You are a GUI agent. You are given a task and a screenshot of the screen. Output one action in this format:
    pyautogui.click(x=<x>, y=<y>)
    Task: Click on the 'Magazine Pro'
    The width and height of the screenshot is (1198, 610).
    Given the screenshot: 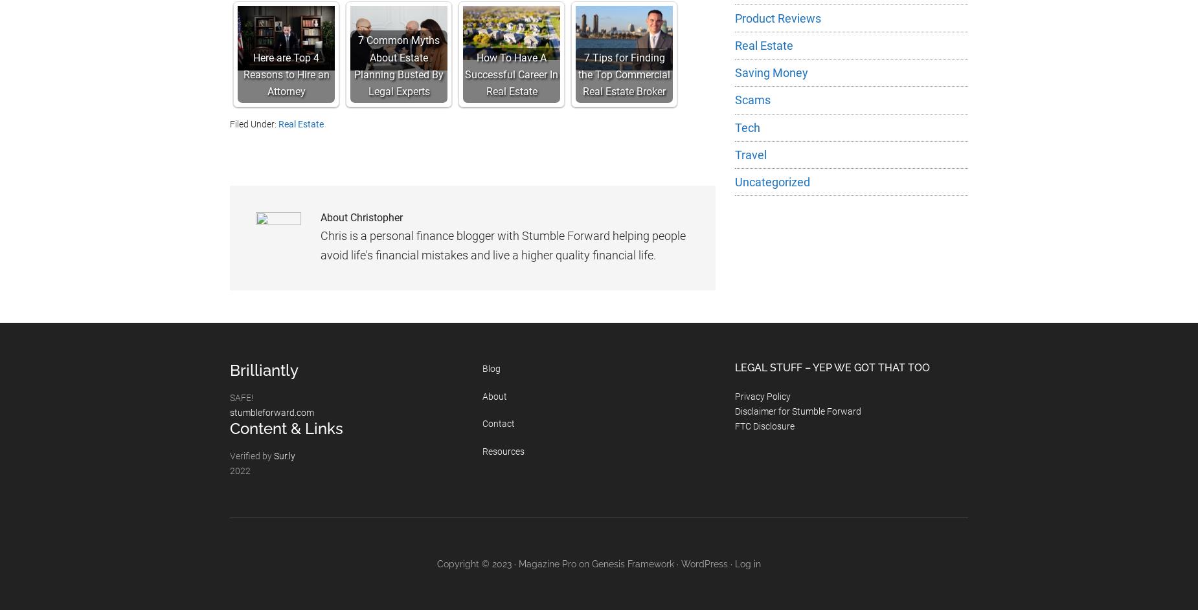 What is the action you would take?
    pyautogui.click(x=519, y=563)
    